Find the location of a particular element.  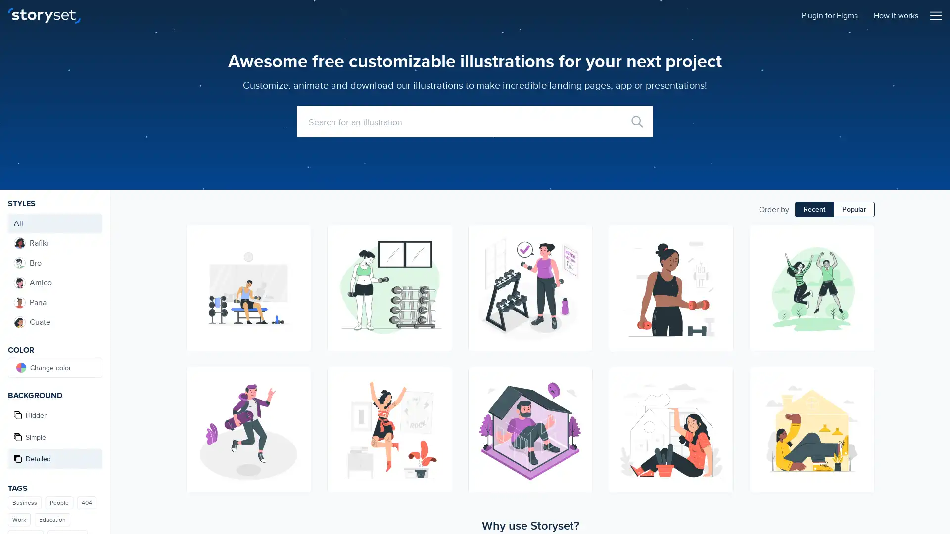

Pinterest icon Save is located at coordinates (298, 414).